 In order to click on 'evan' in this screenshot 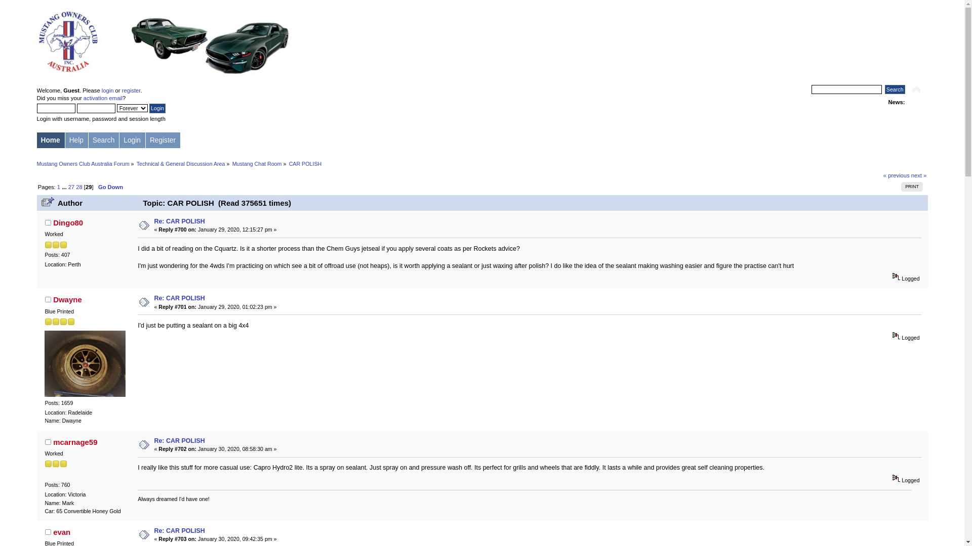, I will do `click(53, 531)`.